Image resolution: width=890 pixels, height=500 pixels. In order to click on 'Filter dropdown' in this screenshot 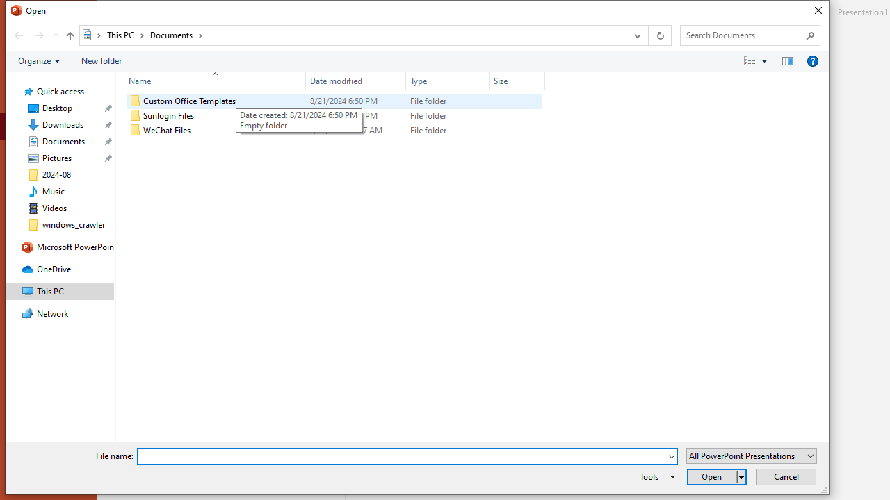, I will do `click(538, 81)`.